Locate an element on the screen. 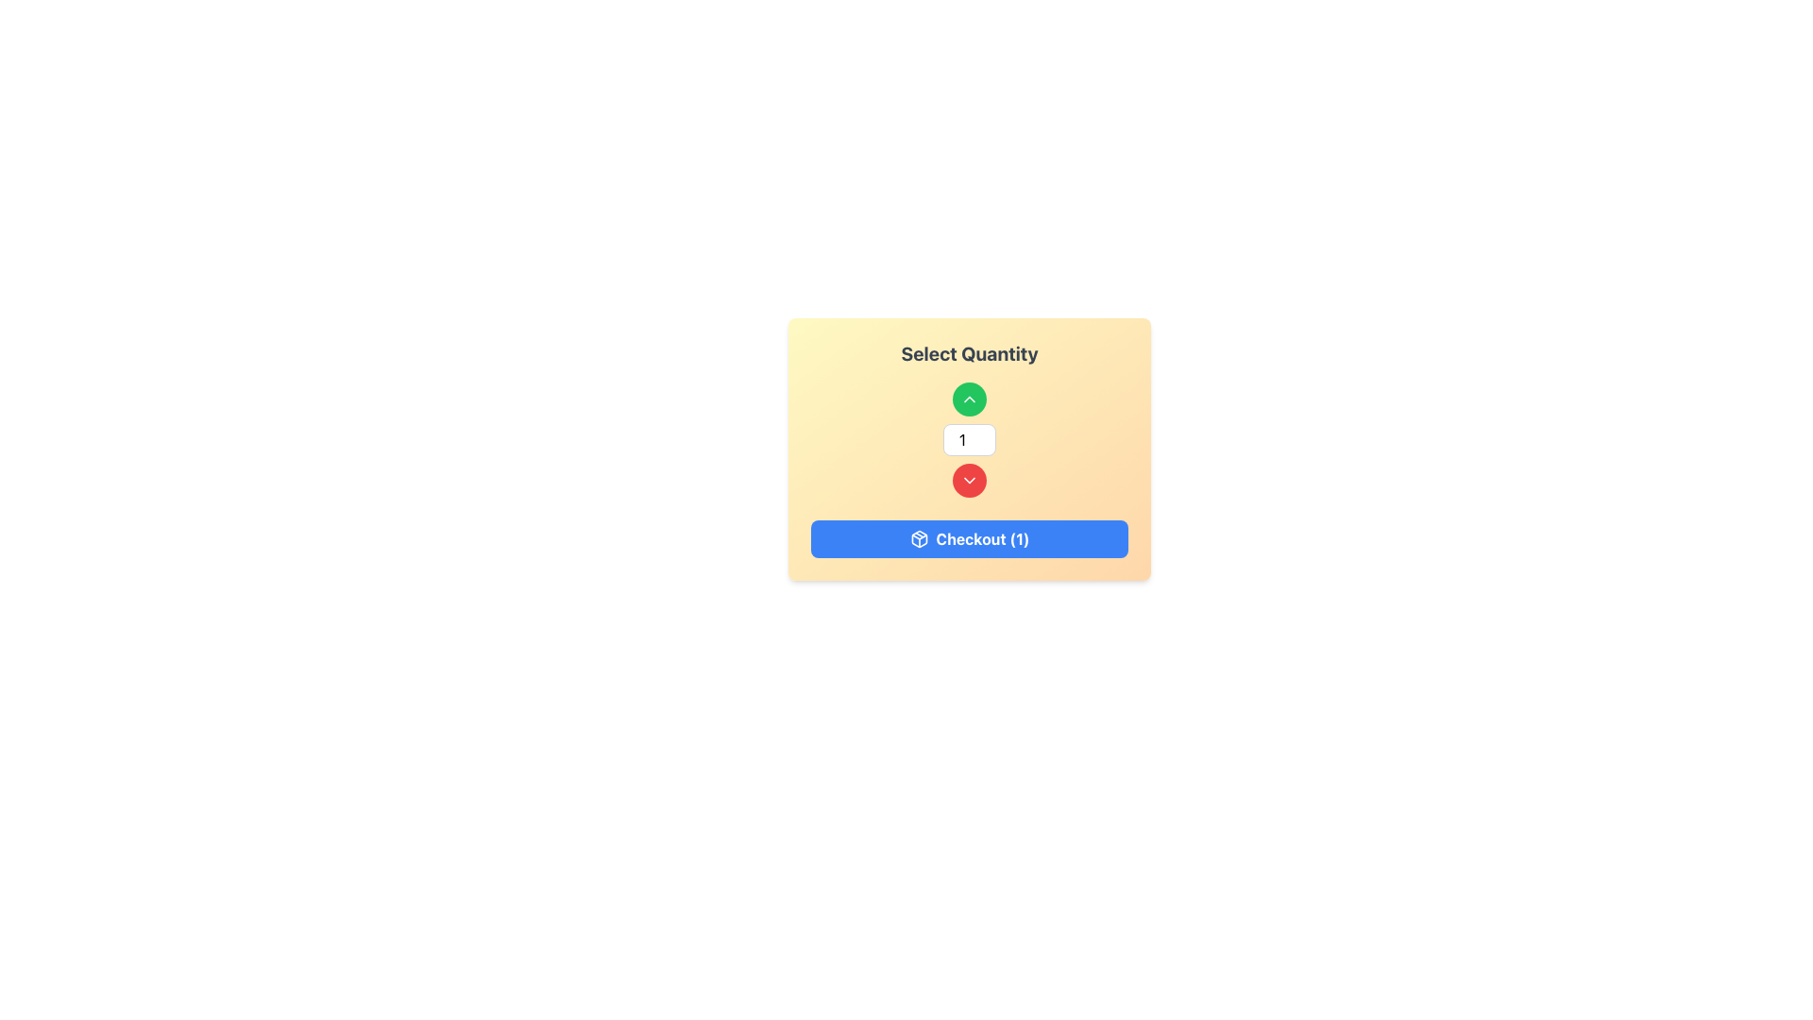  the Number Input Field, which is a horizontally-aligned rectangular input box with a white background and rounded corners is located at coordinates (970, 440).